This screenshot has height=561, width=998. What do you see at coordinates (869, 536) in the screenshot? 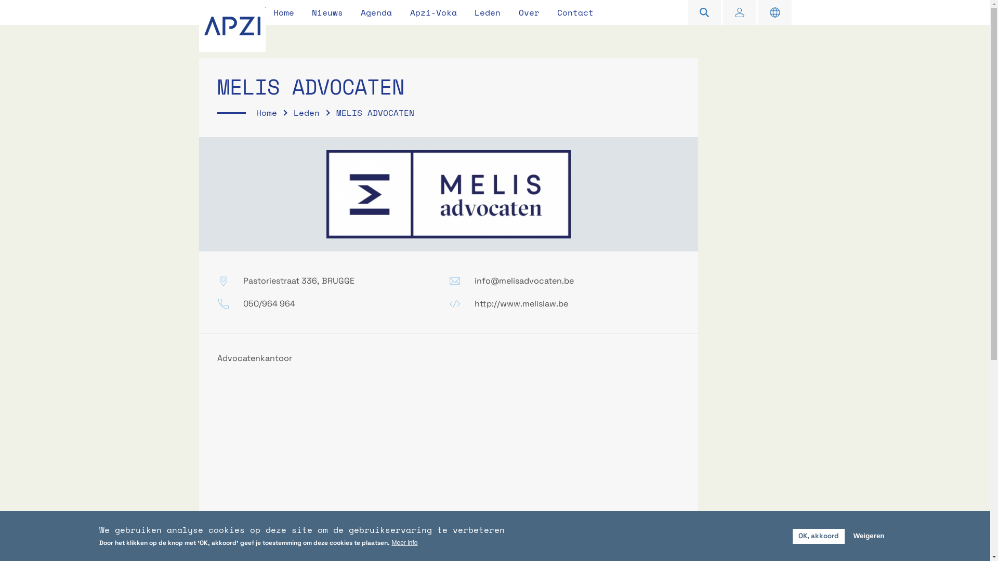
I see `'Weigeren'` at bounding box center [869, 536].